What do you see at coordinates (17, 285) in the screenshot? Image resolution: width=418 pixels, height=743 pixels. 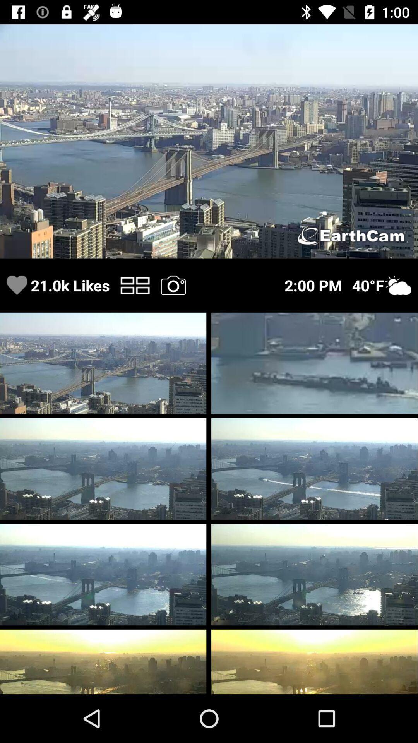 I see `like the page` at bounding box center [17, 285].